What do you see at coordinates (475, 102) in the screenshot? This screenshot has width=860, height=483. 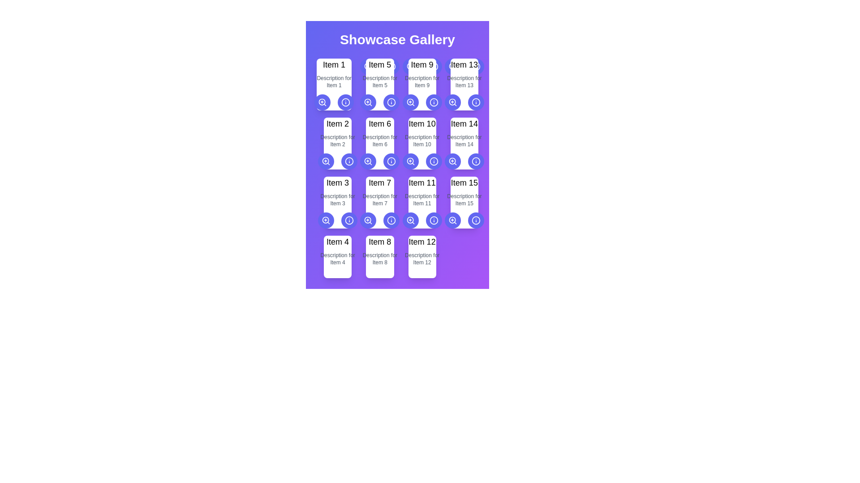 I see `the information icon button located in the top-right quadrant of the interface, specifically in the fourth column of the first row of items` at bounding box center [475, 102].